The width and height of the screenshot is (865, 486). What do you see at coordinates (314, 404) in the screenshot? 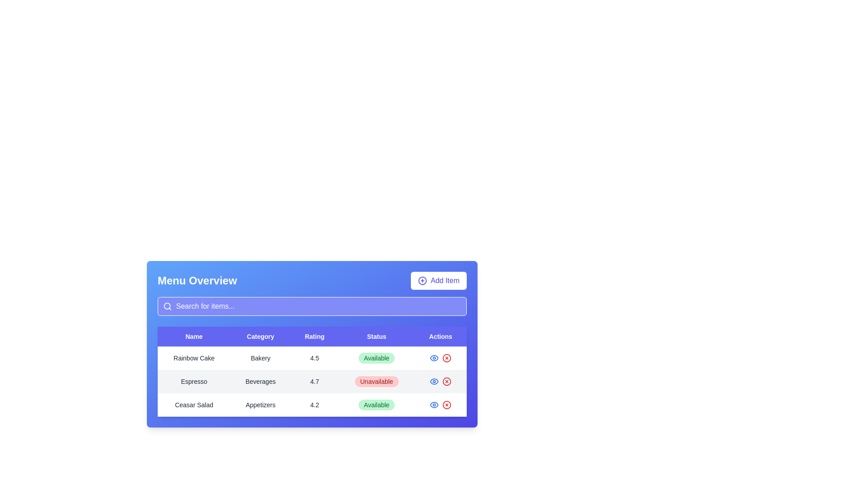
I see `numeric value '4.2' displayed in the 'Rating' column, which is the third item corresponding to 'Ceasar Salad'` at bounding box center [314, 404].